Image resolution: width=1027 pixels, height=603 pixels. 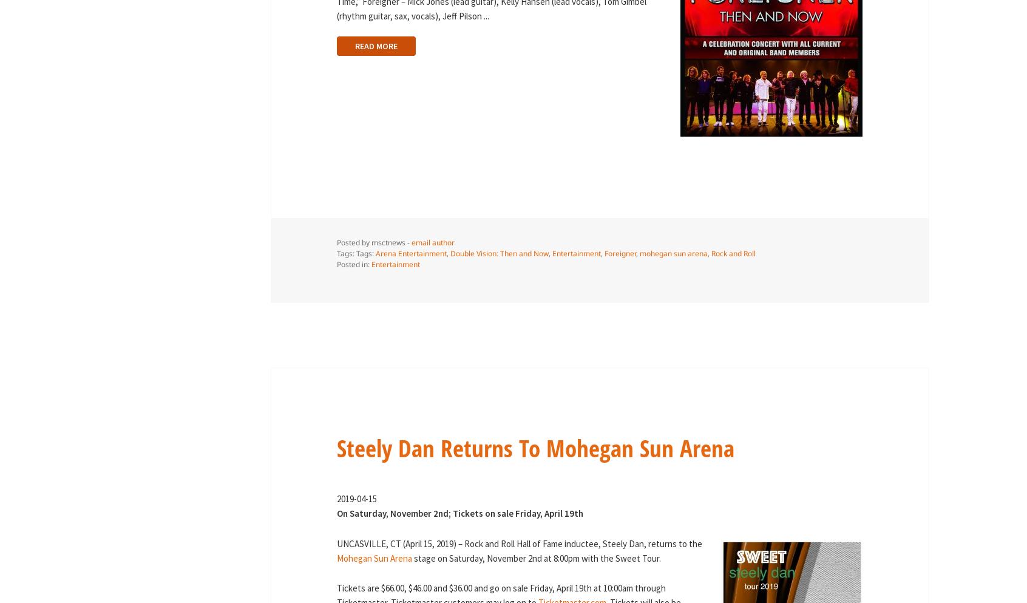 I want to click on '...', so click(x=486, y=15).